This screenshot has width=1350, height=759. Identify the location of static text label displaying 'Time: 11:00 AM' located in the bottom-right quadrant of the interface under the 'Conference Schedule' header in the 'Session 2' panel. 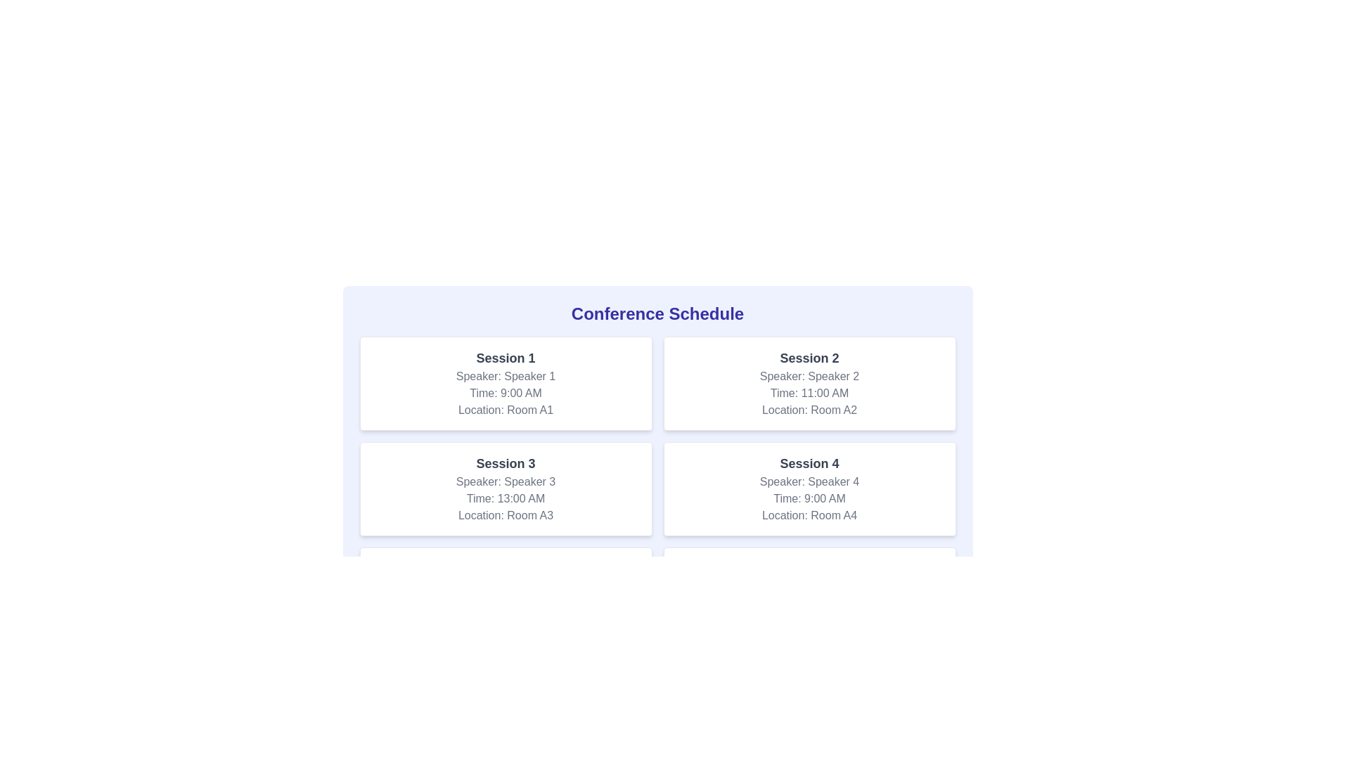
(809, 393).